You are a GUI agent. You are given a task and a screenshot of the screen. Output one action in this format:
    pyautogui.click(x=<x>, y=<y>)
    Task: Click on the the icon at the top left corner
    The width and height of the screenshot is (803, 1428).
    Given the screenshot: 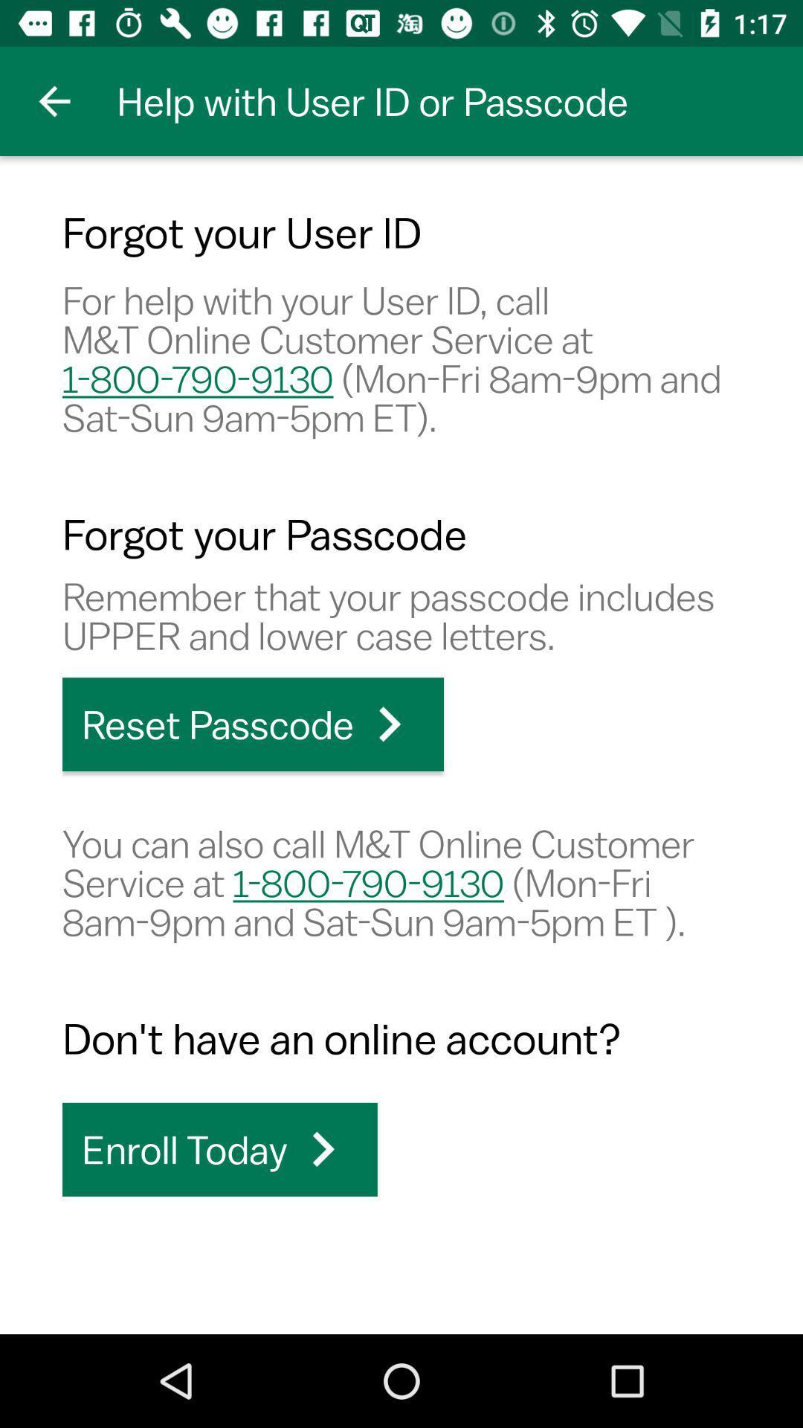 What is the action you would take?
    pyautogui.click(x=54, y=100)
    